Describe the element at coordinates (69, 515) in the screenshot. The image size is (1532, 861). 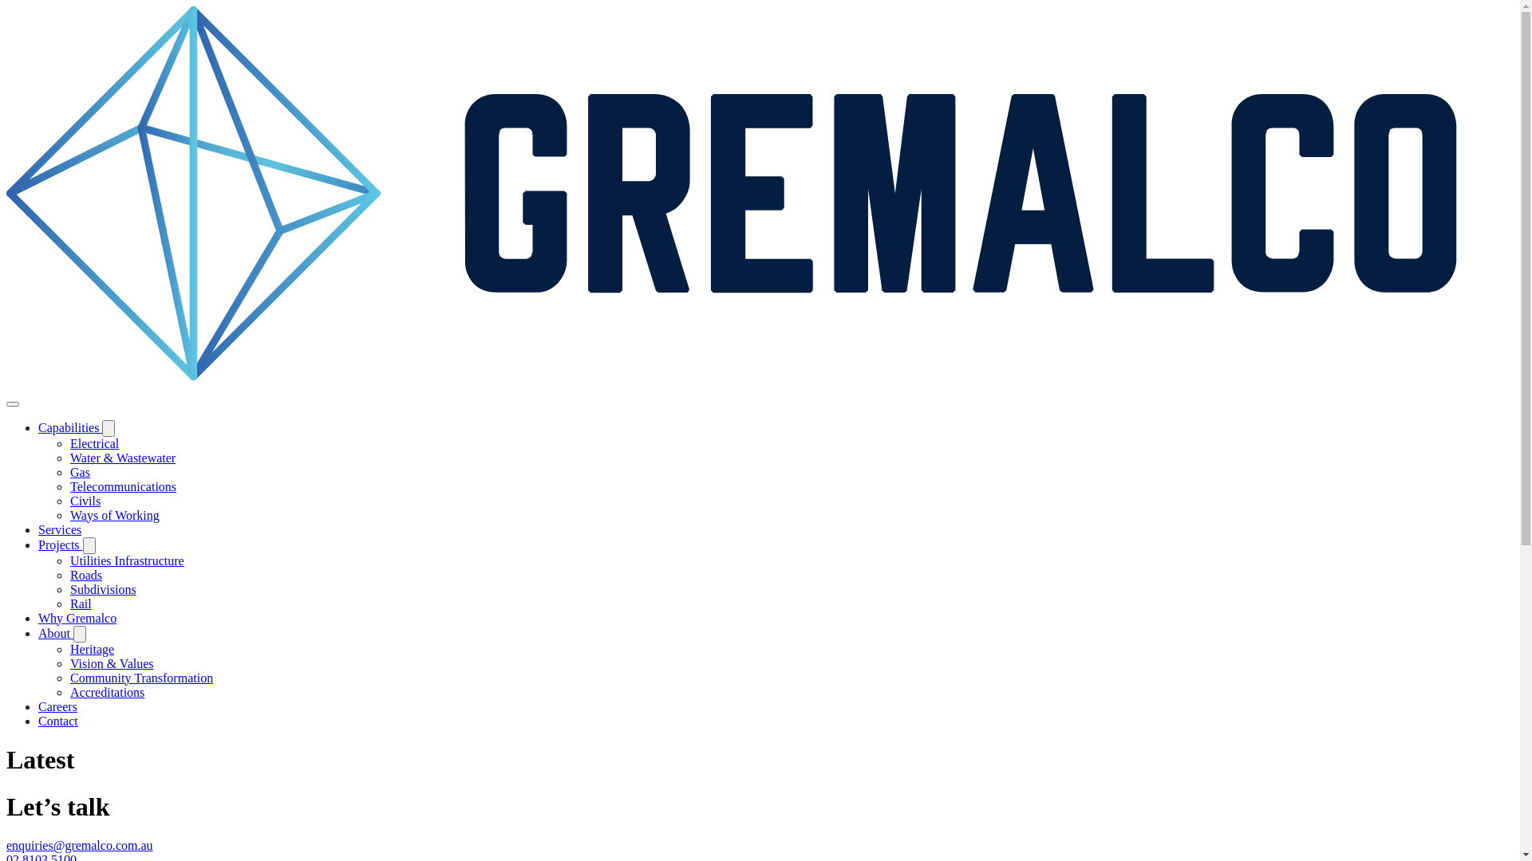
I see `'Ways of Working'` at that location.